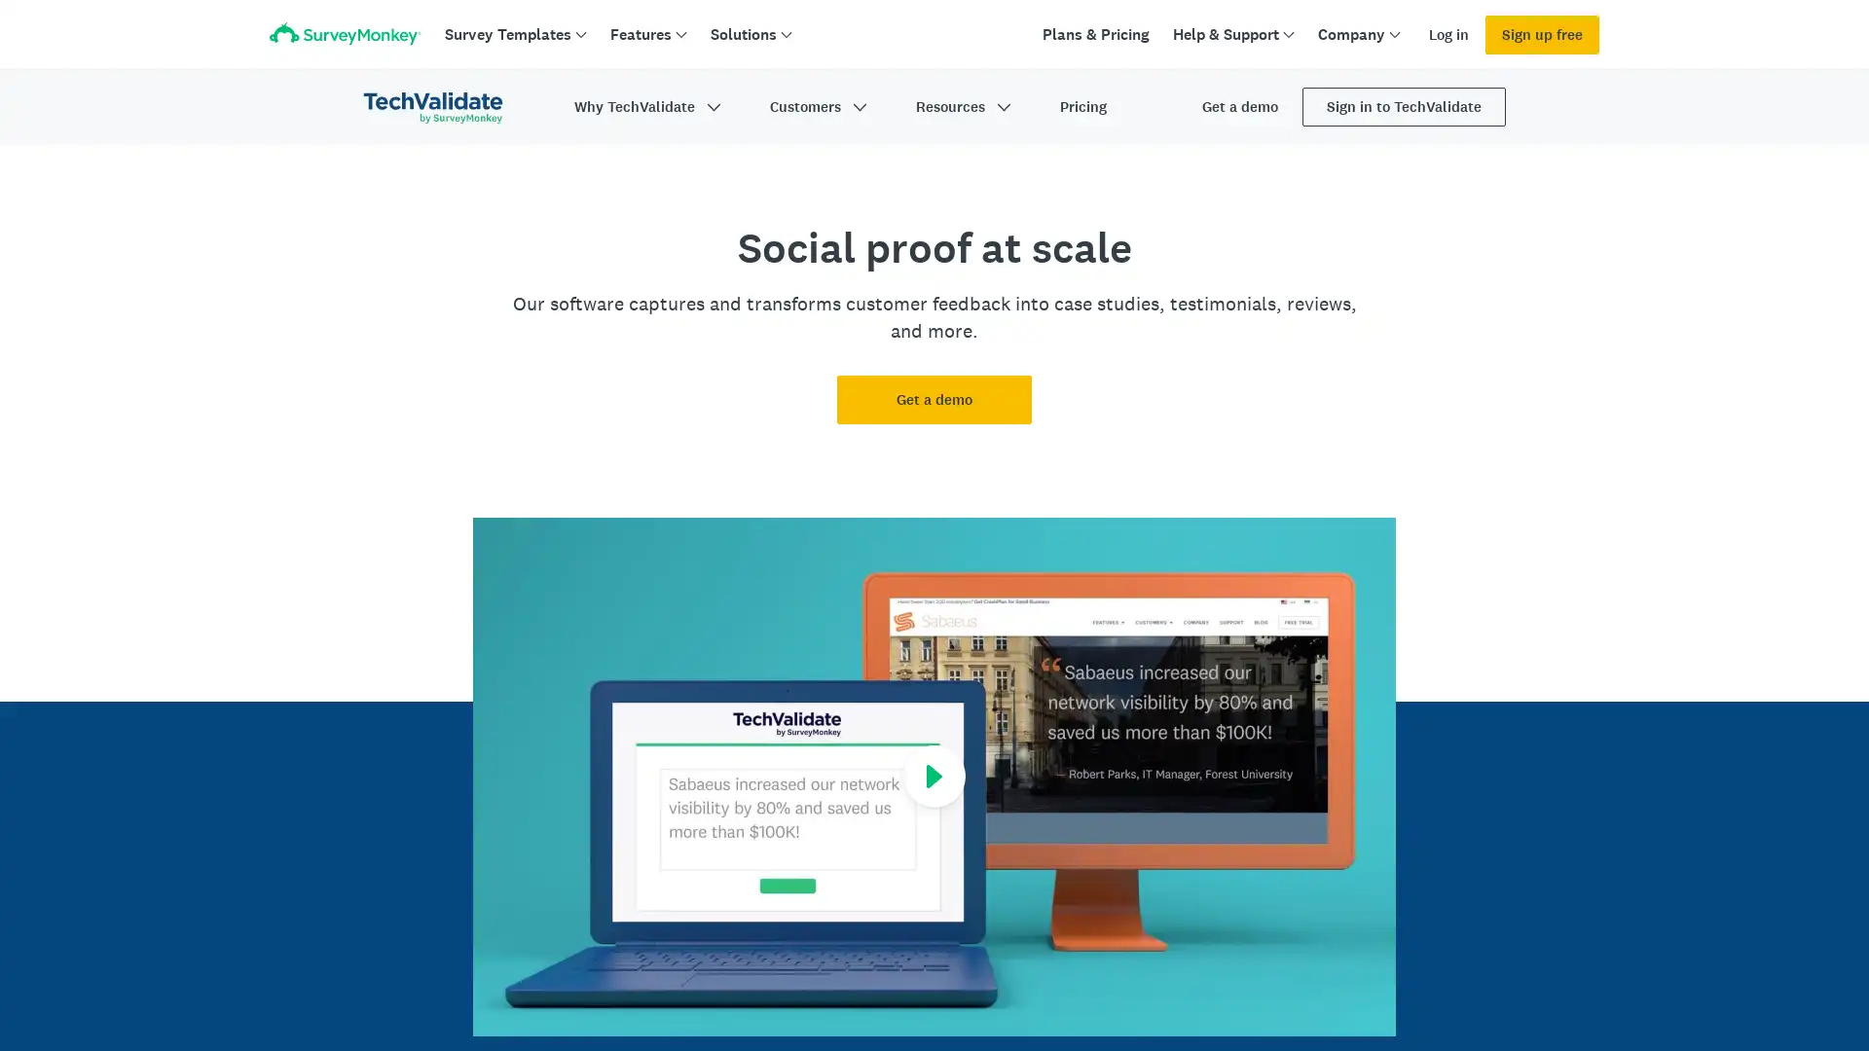 This screenshot has height=1051, width=1869. Describe the element at coordinates (1507, 982) in the screenshot. I see `Accept all cookies` at that location.